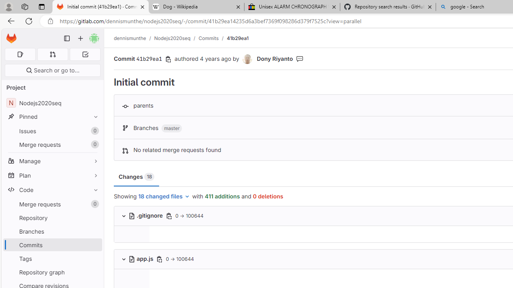 The width and height of the screenshot is (513, 288). I want to click on 'N Nodejs2020seq', so click(52, 102).